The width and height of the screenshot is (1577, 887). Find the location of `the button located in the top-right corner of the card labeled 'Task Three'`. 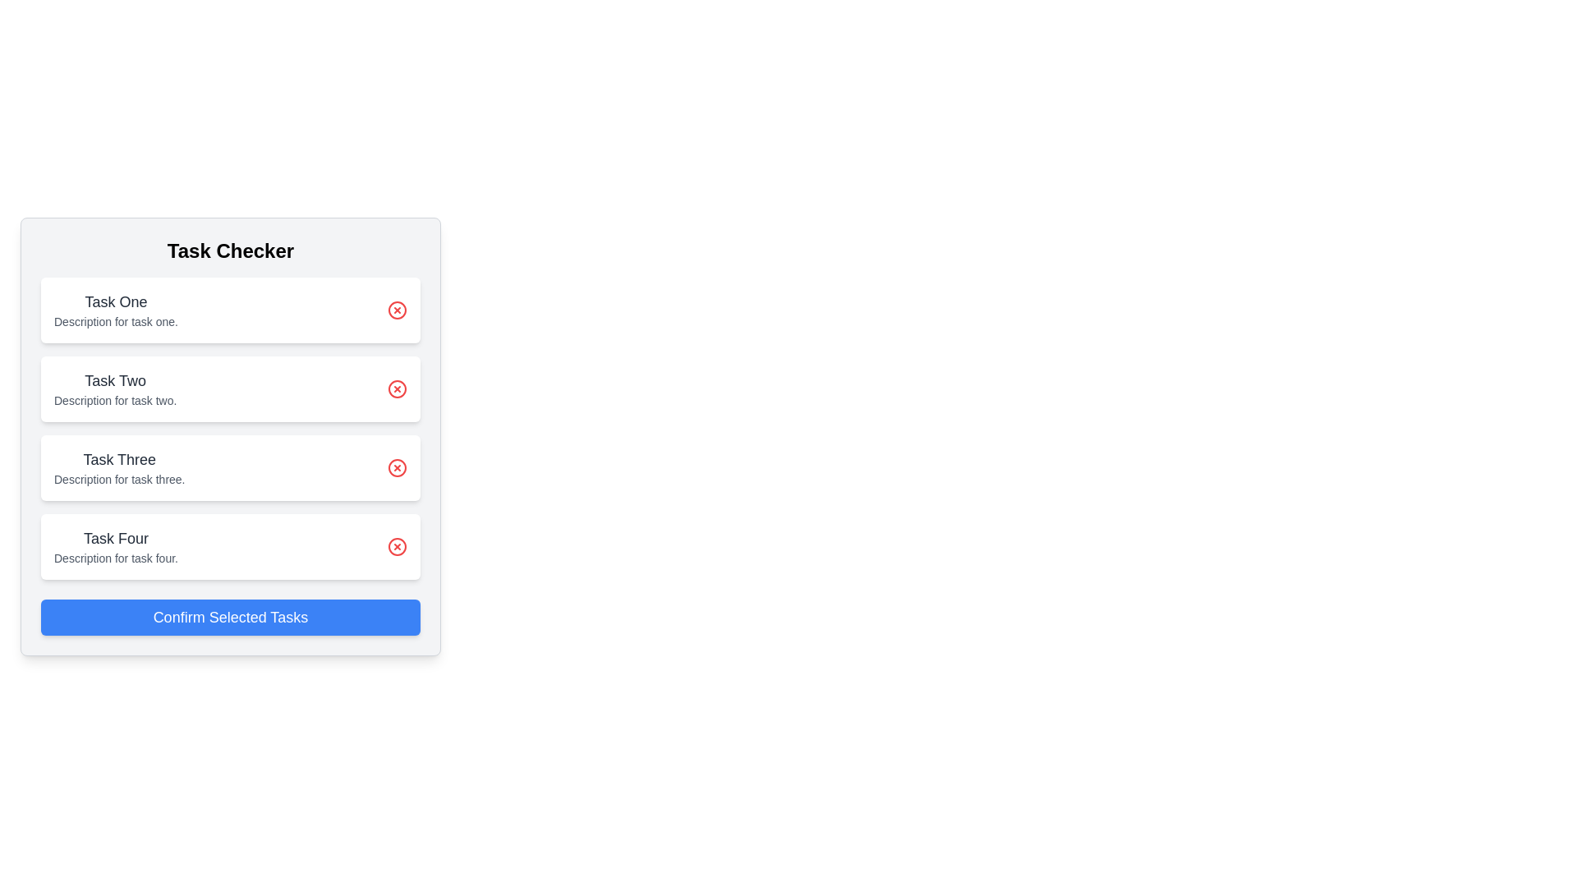

the button located in the top-right corner of the card labeled 'Task Three' is located at coordinates (398, 468).